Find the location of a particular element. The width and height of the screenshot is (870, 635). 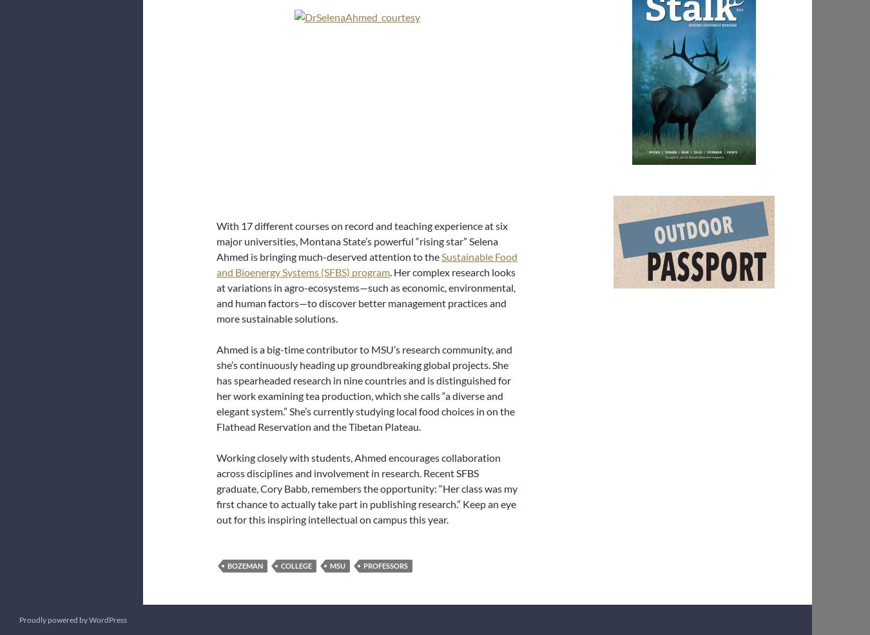

'college' is located at coordinates (281, 565).